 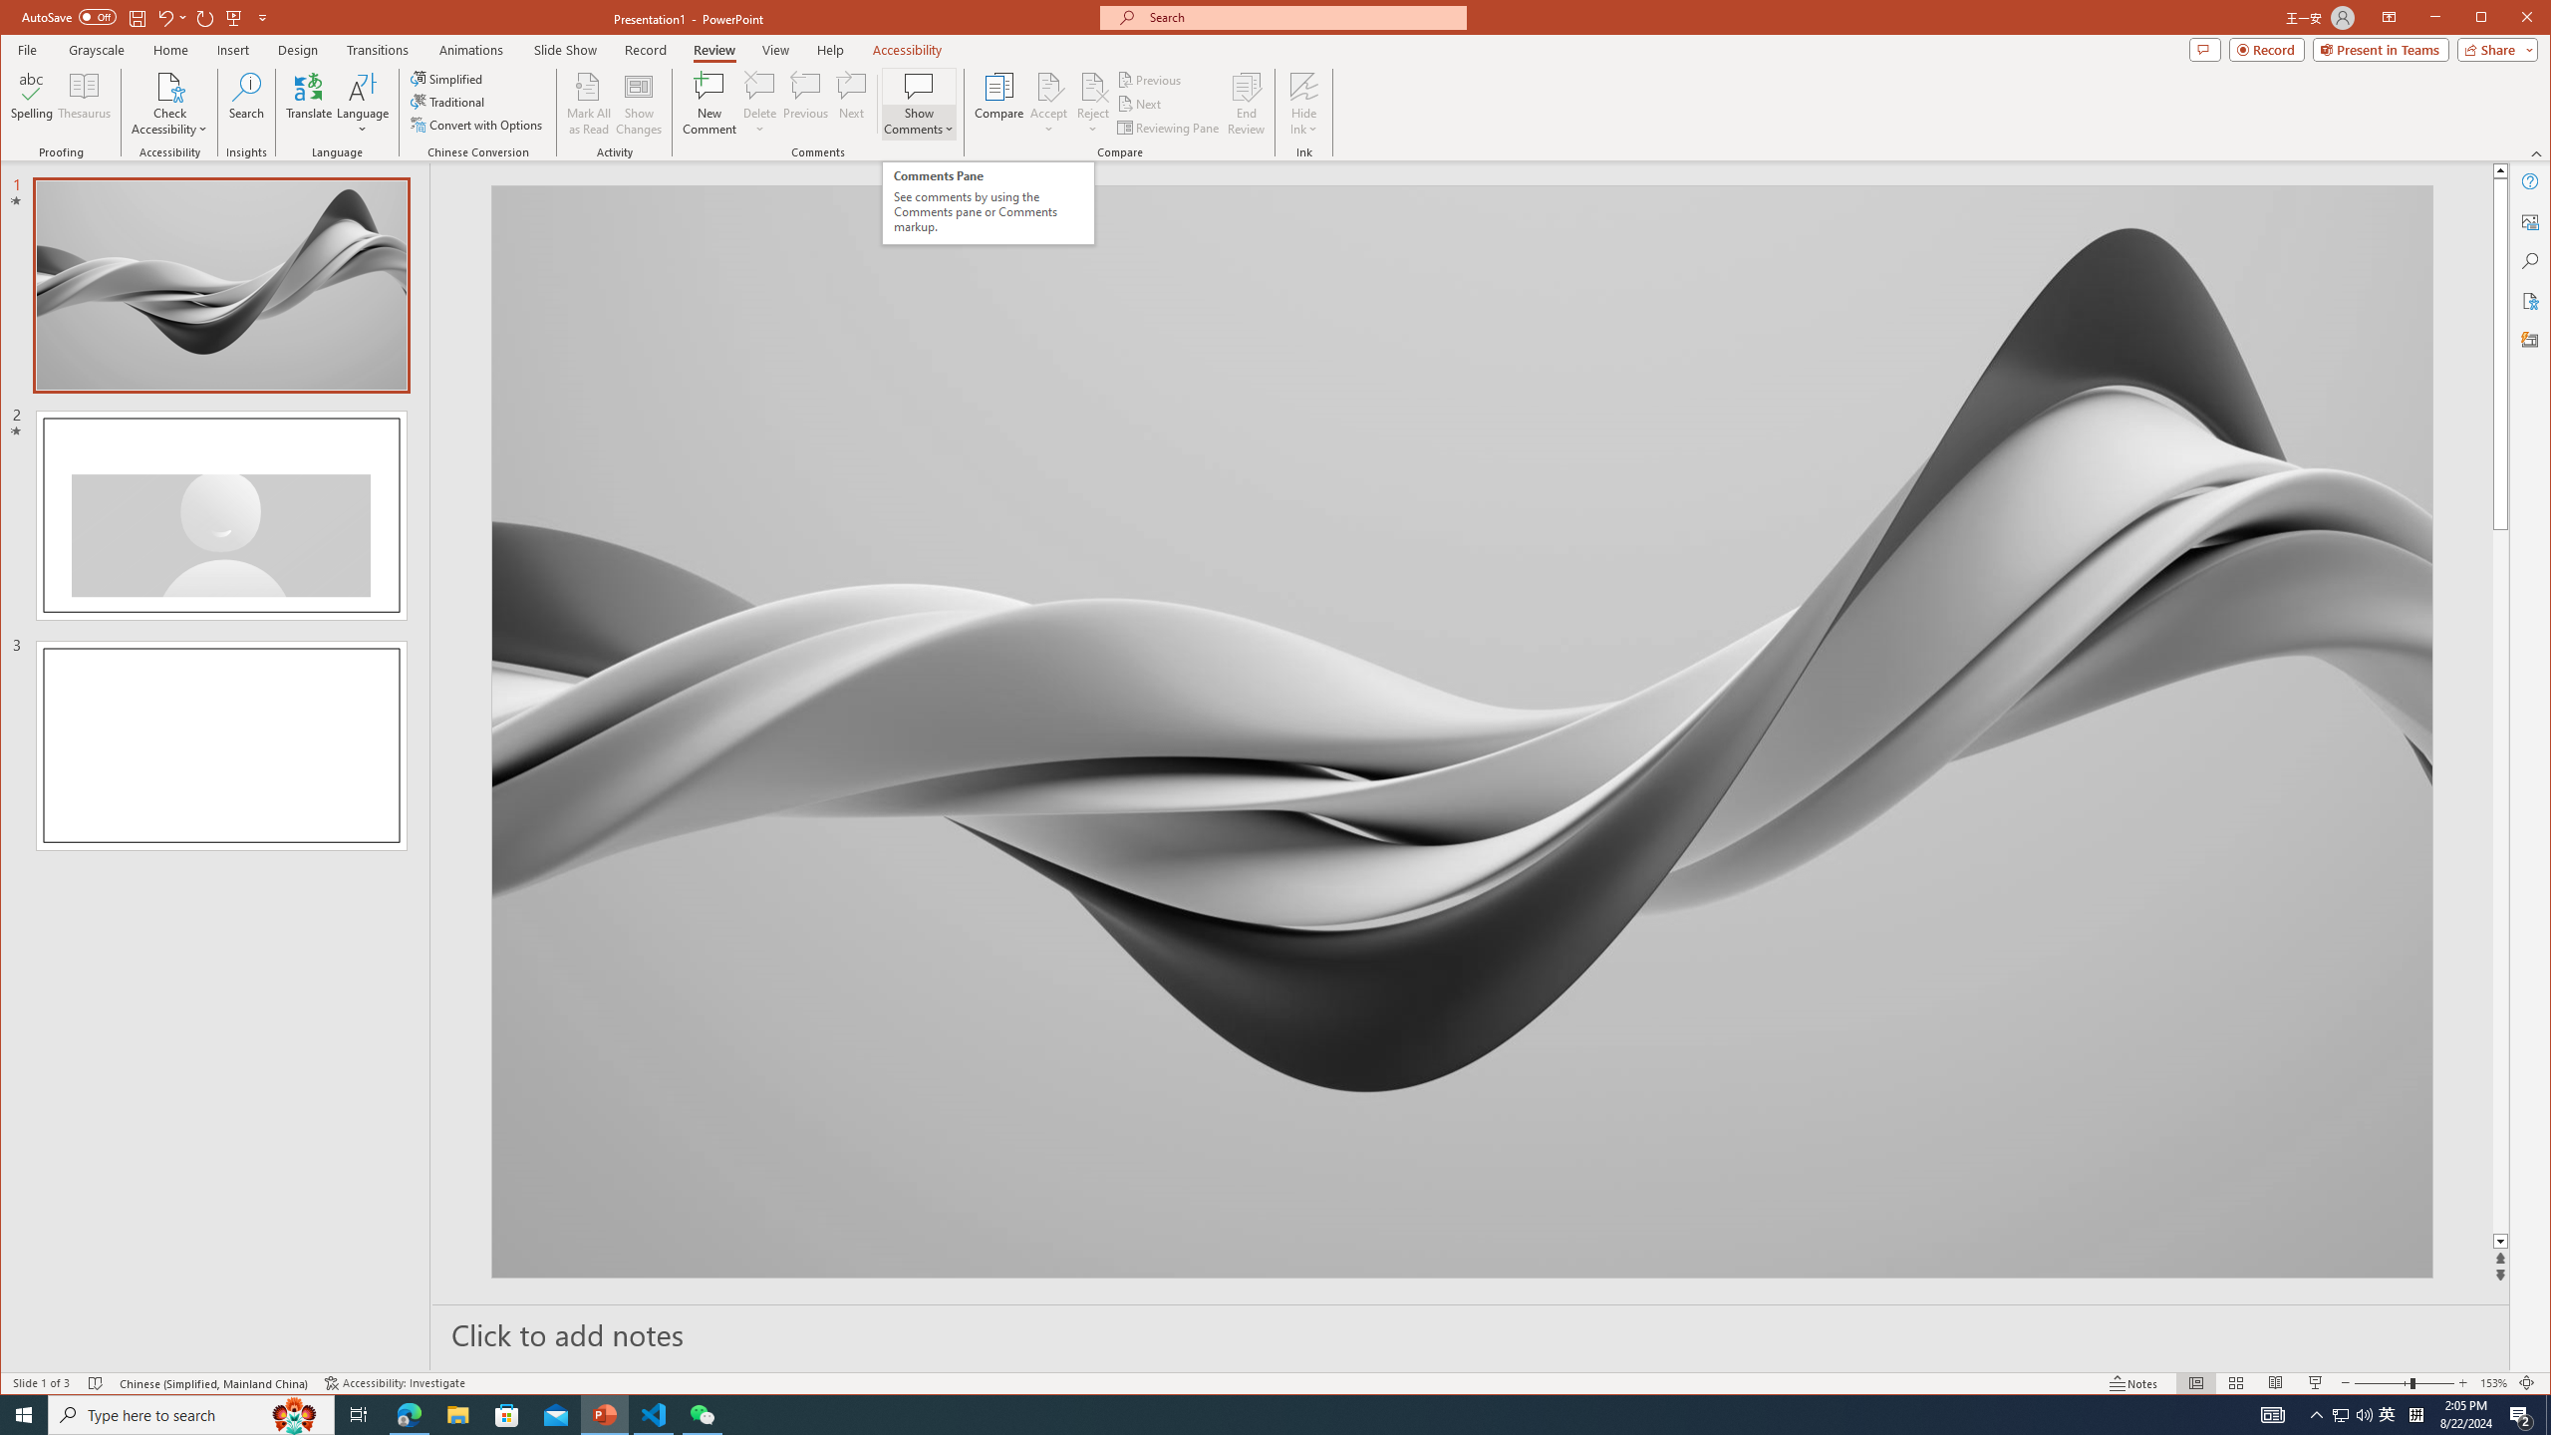 I want to click on 'Hide Ink', so click(x=1303, y=85).